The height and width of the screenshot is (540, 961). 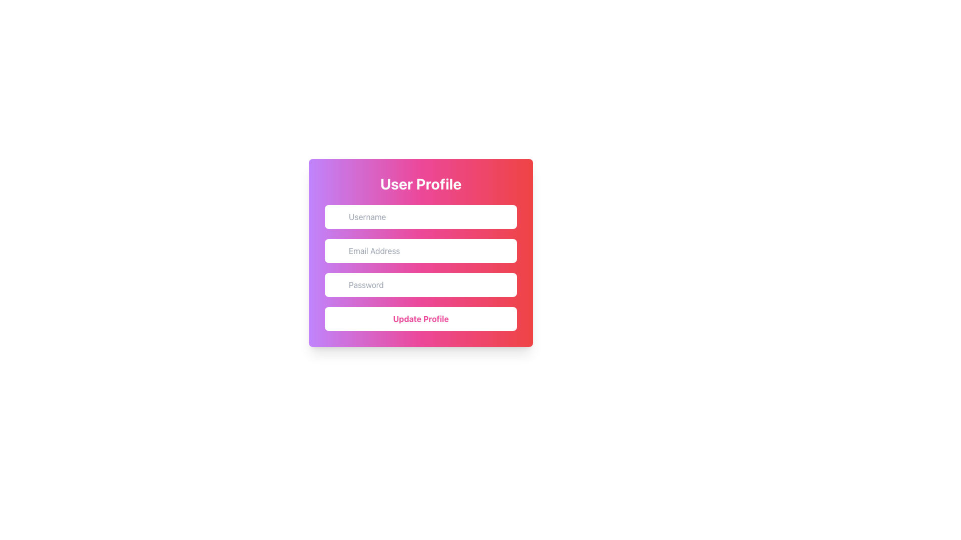 What do you see at coordinates (420, 216) in the screenshot?
I see `the Text Input Field for entering the username in the 'User Profile' form by tabbing to it` at bounding box center [420, 216].